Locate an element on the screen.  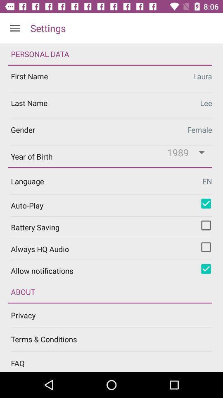
autoplay option is located at coordinates (206, 203).